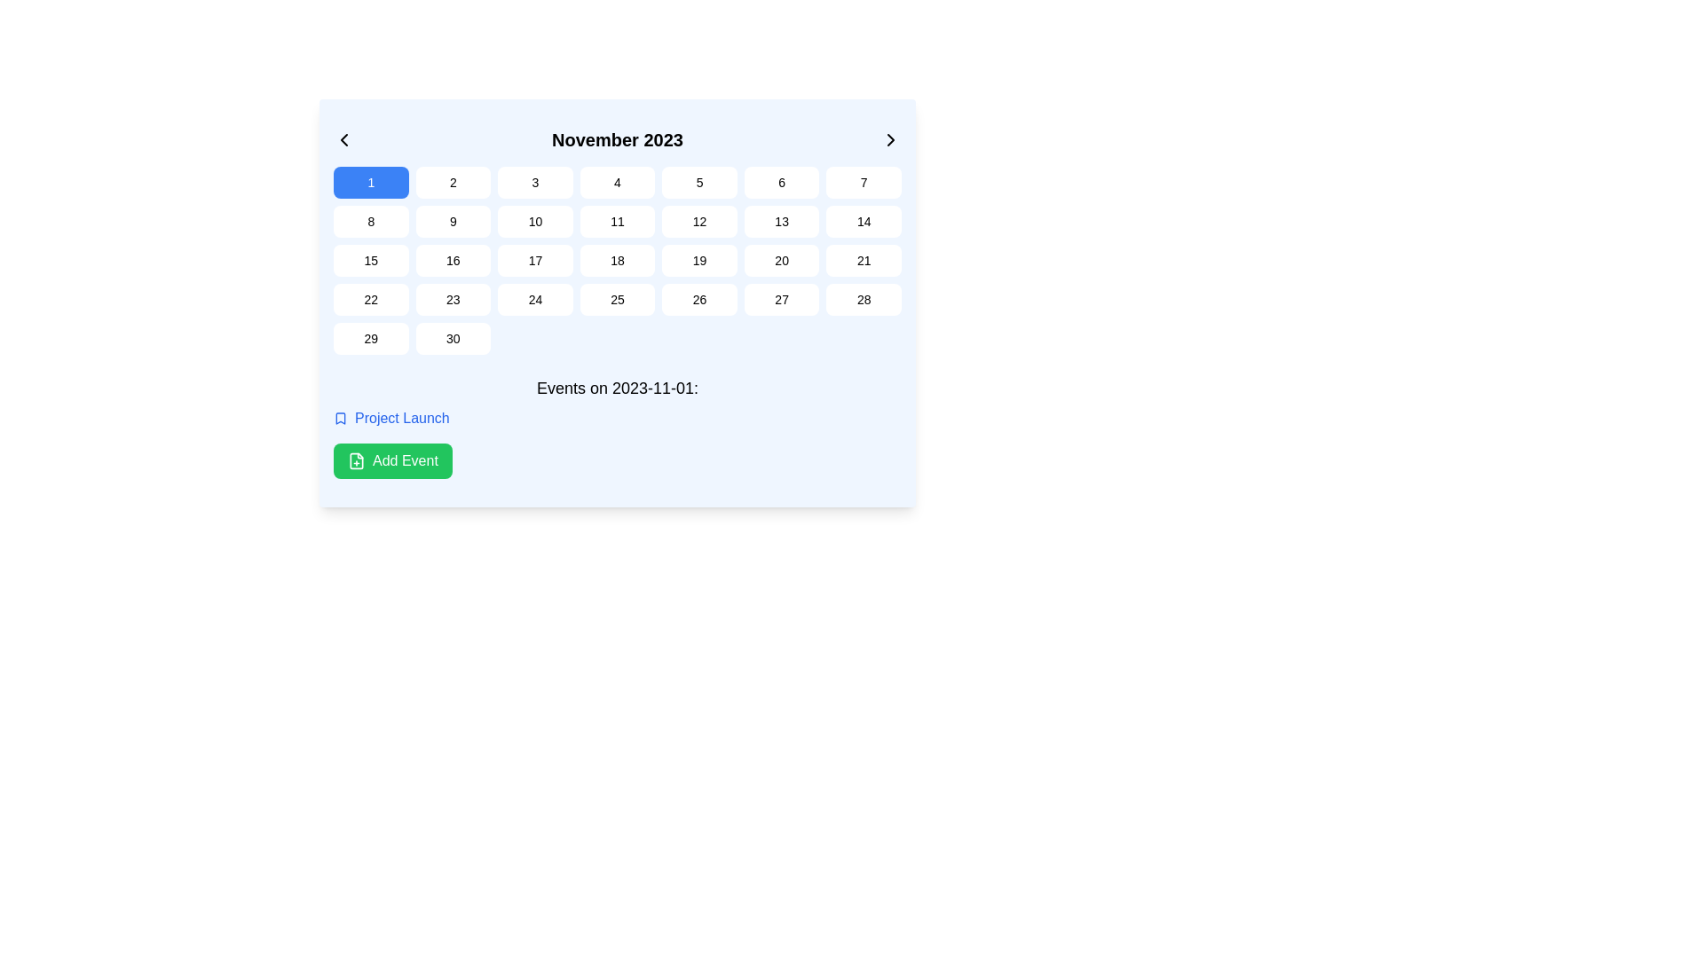 The height and width of the screenshot is (958, 1704). I want to click on the rounded rectangular button labeled '12' in the second row and sixth column of the calendar grid for November 2023, so click(698, 221).